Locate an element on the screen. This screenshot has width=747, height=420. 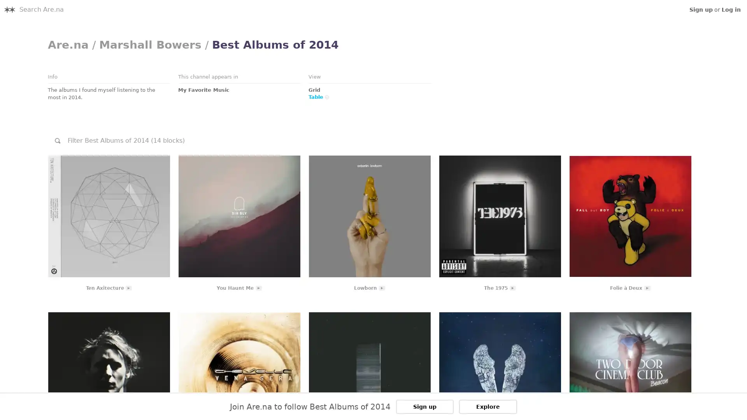
Link to Embed: Lowborn is located at coordinates (369, 216).